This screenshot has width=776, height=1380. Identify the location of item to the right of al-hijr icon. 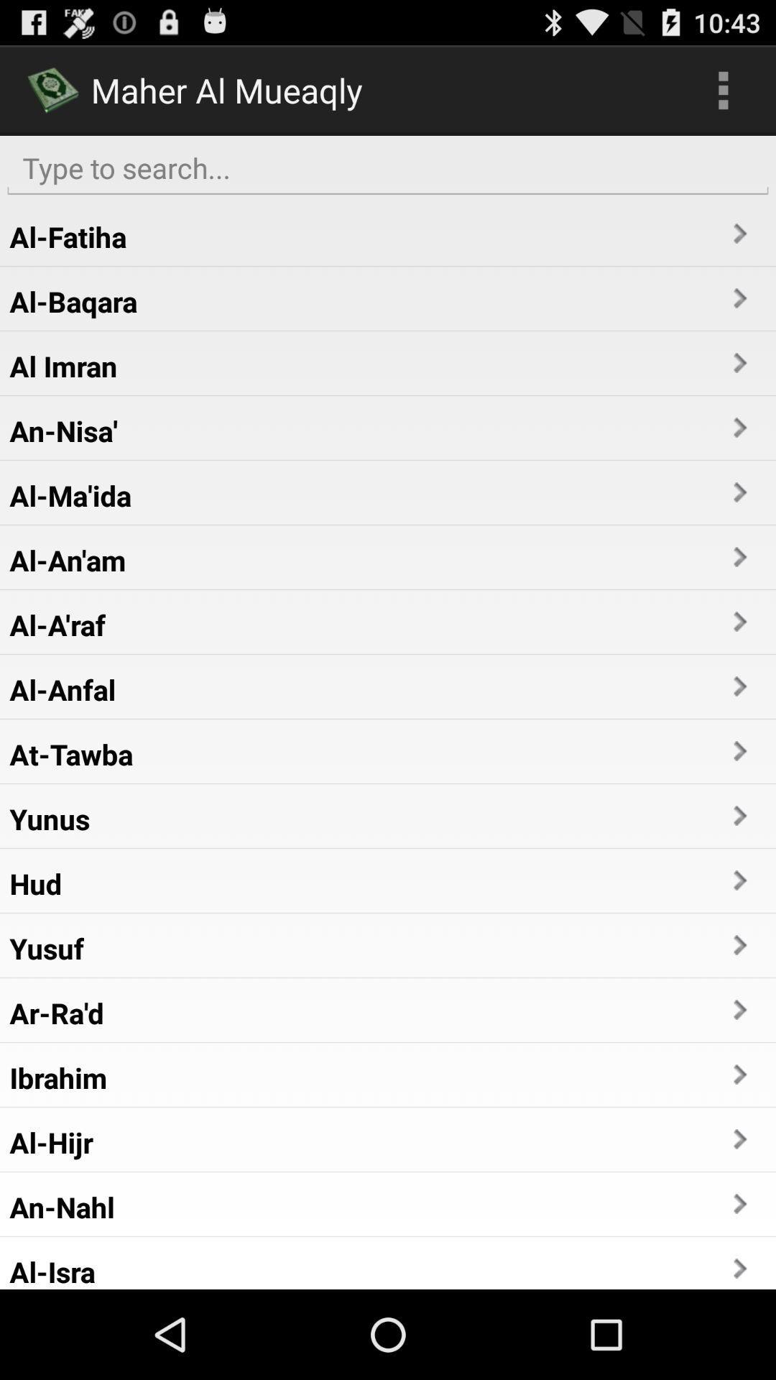
(739, 1138).